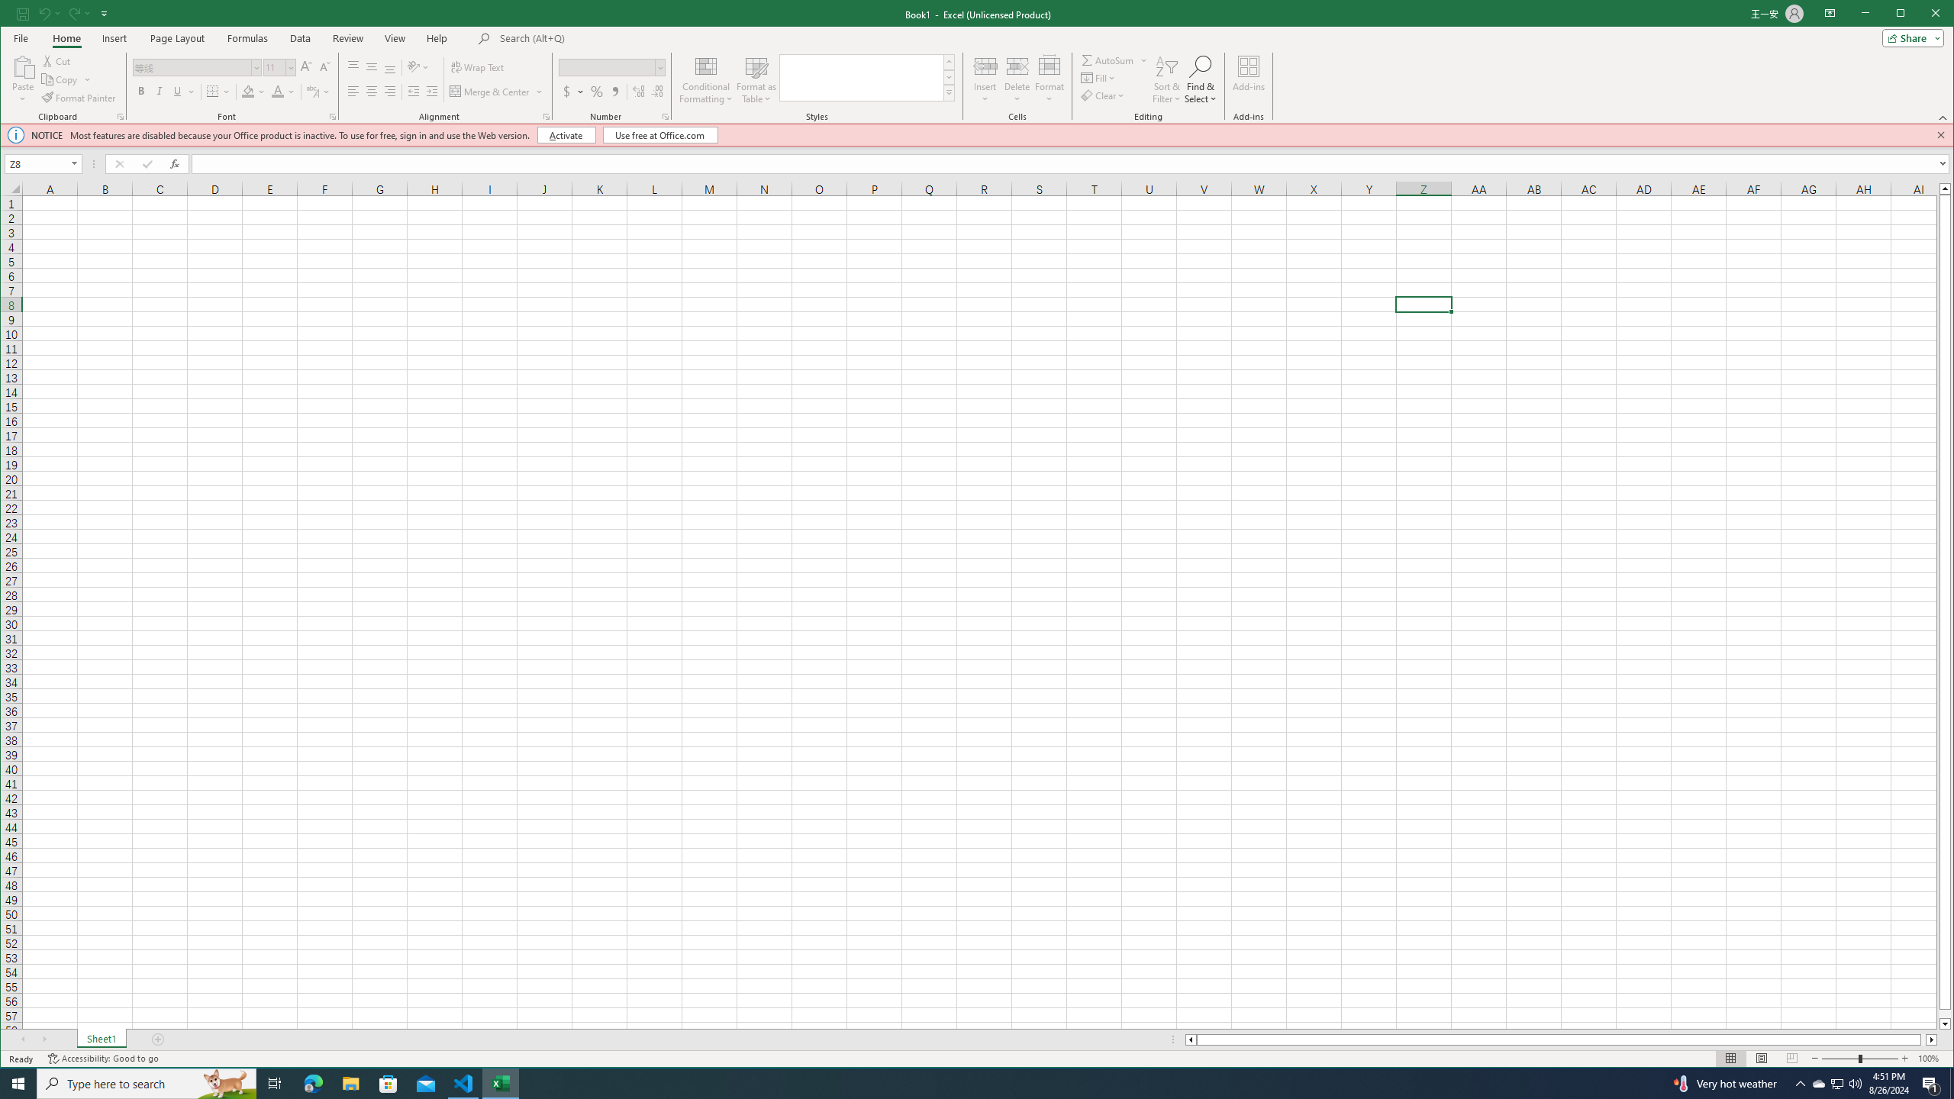 The image size is (1954, 1099). Describe the element at coordinates (1017, 79) in the screenshot. I see `'Delete'` at that location.